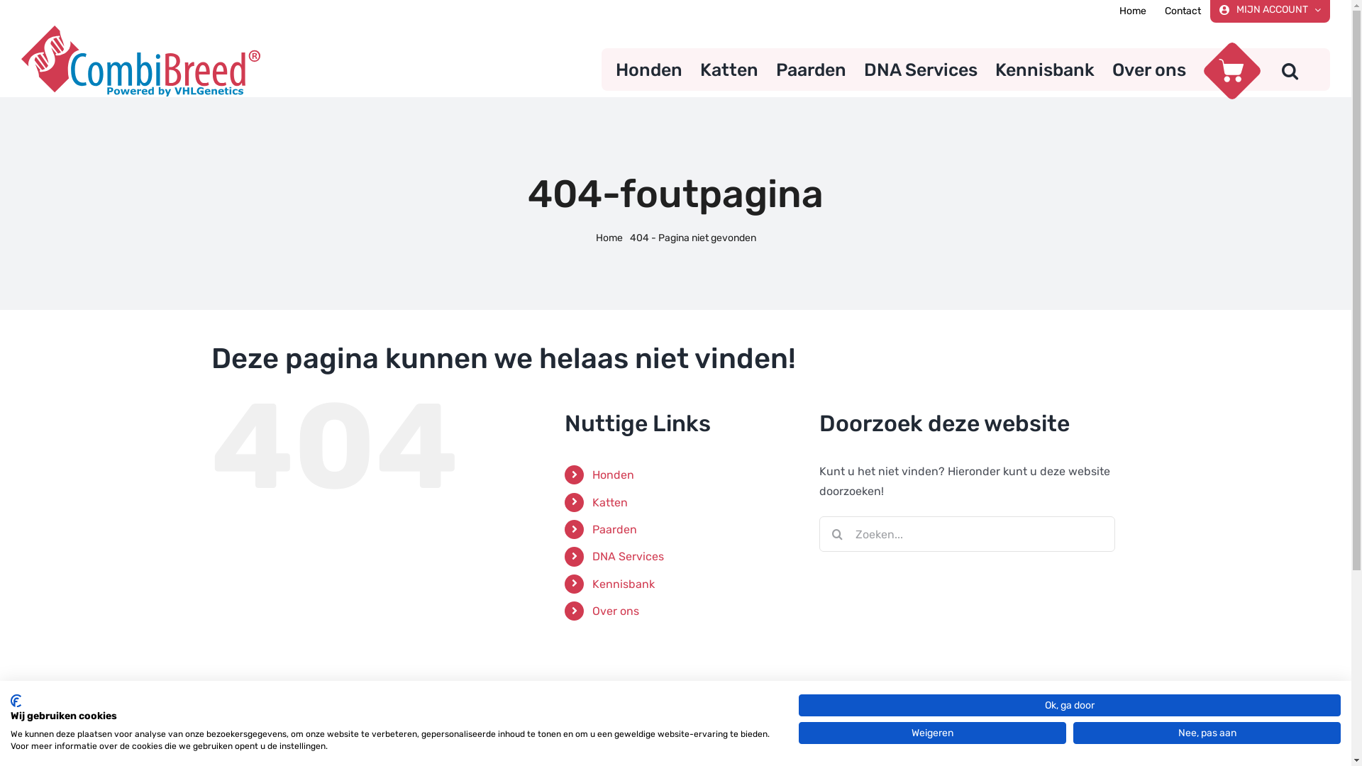  Describe the element at coordinates (616, 610) in the screenshot. I see `'Over ons'` at that location.